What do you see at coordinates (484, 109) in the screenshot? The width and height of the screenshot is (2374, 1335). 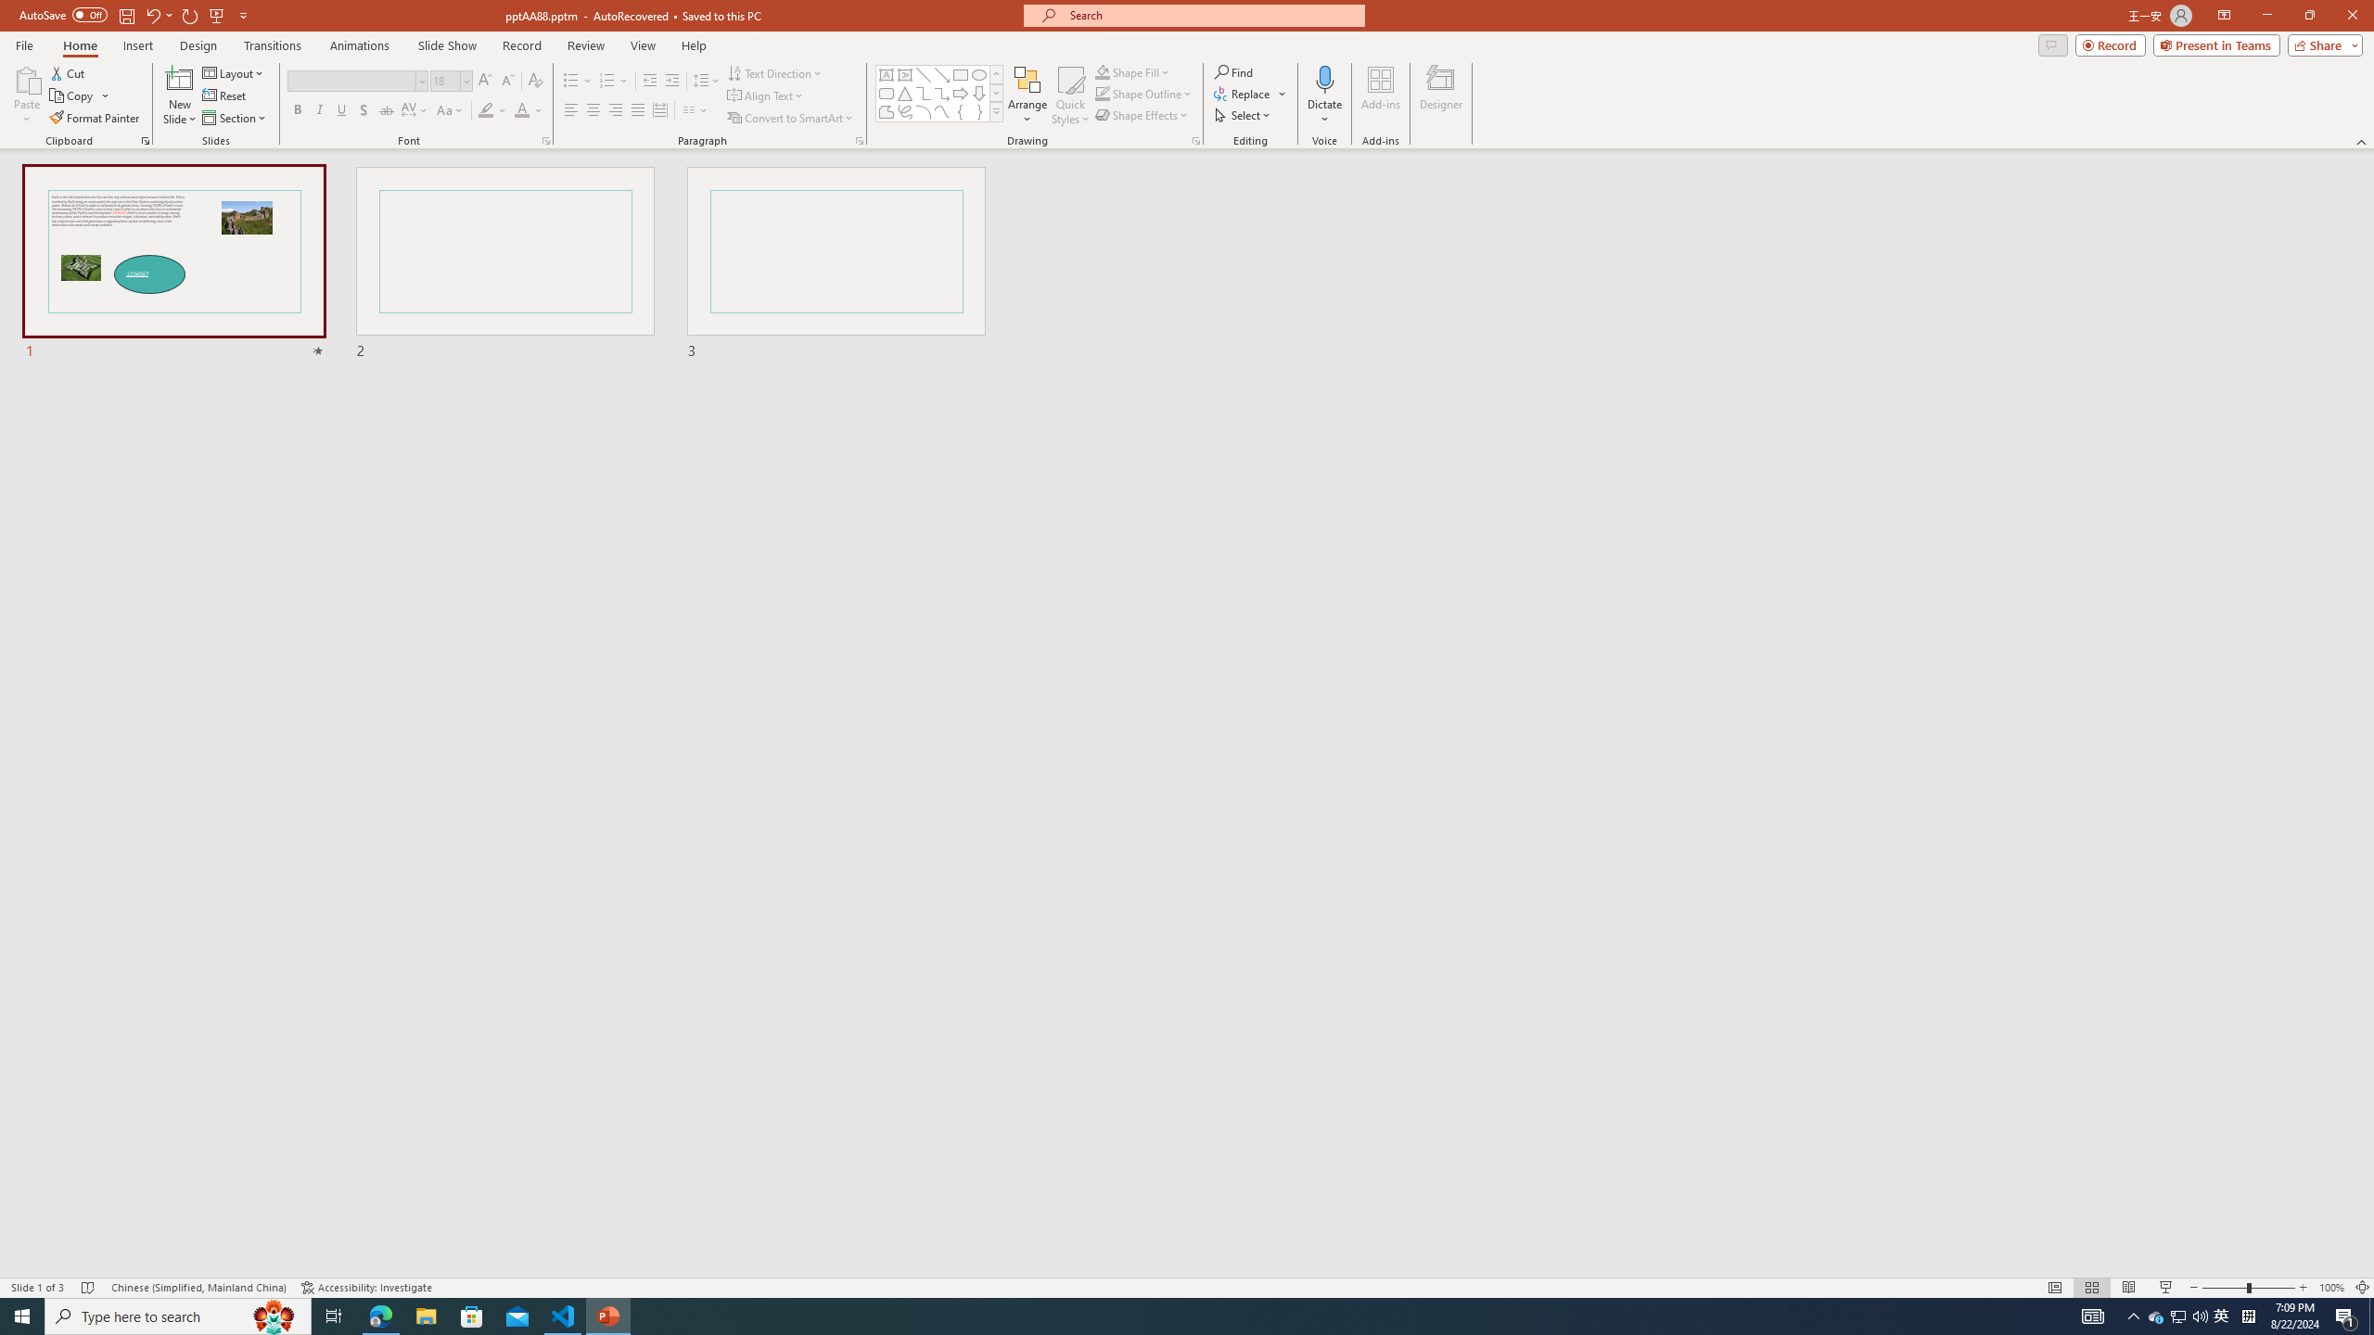 I see `'Text Highlight Color Yellow'` at bounding box center [484, 109].